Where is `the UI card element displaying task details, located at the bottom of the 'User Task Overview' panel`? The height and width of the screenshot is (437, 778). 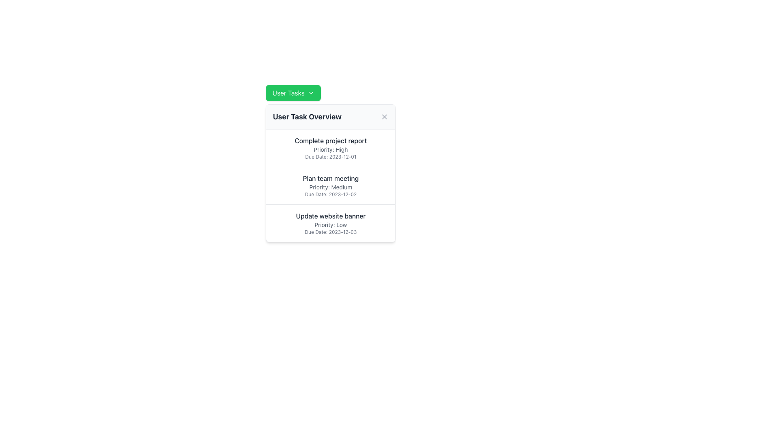 the UI card element displaying task details, located at the bottom of the 'User Task Overview' panel is located at coordinates (331, 223).